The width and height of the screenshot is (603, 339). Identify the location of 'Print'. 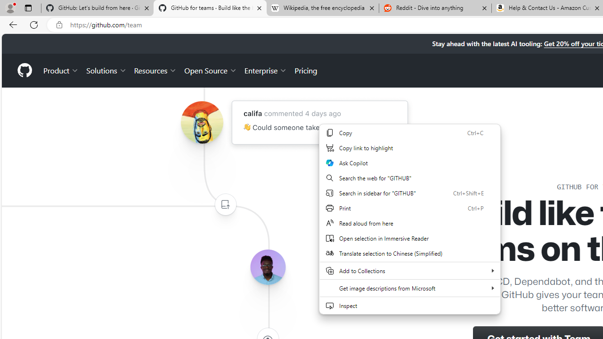
(410, 208).